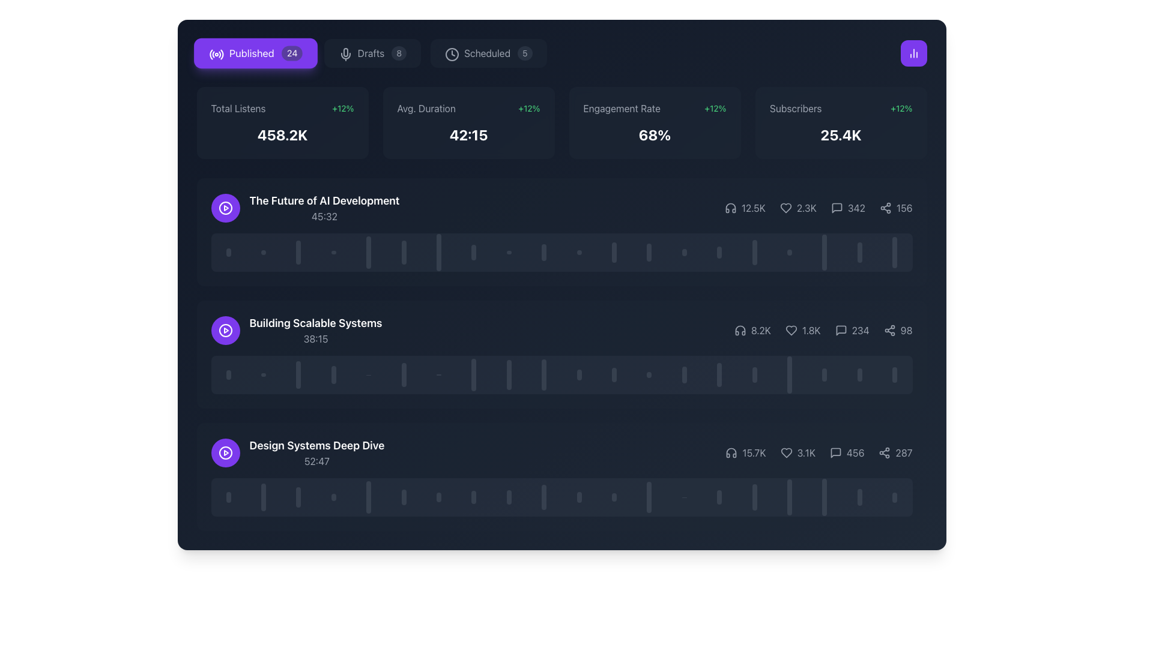  Describe the element at coordinates (543, 497) in the screenshot. I see `the tenth vertical bar in the graph located below the 'Design Systems Deep Dive' title` at that location.